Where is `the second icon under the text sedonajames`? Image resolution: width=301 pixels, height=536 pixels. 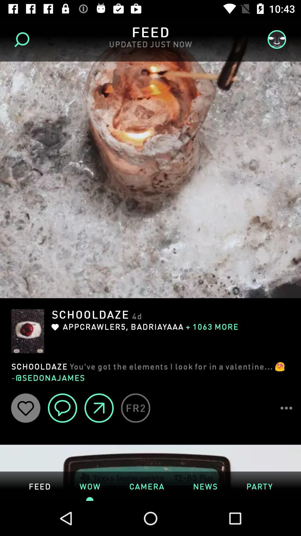 the second icon under the text sedonajames is located at coordinates (62, 408).